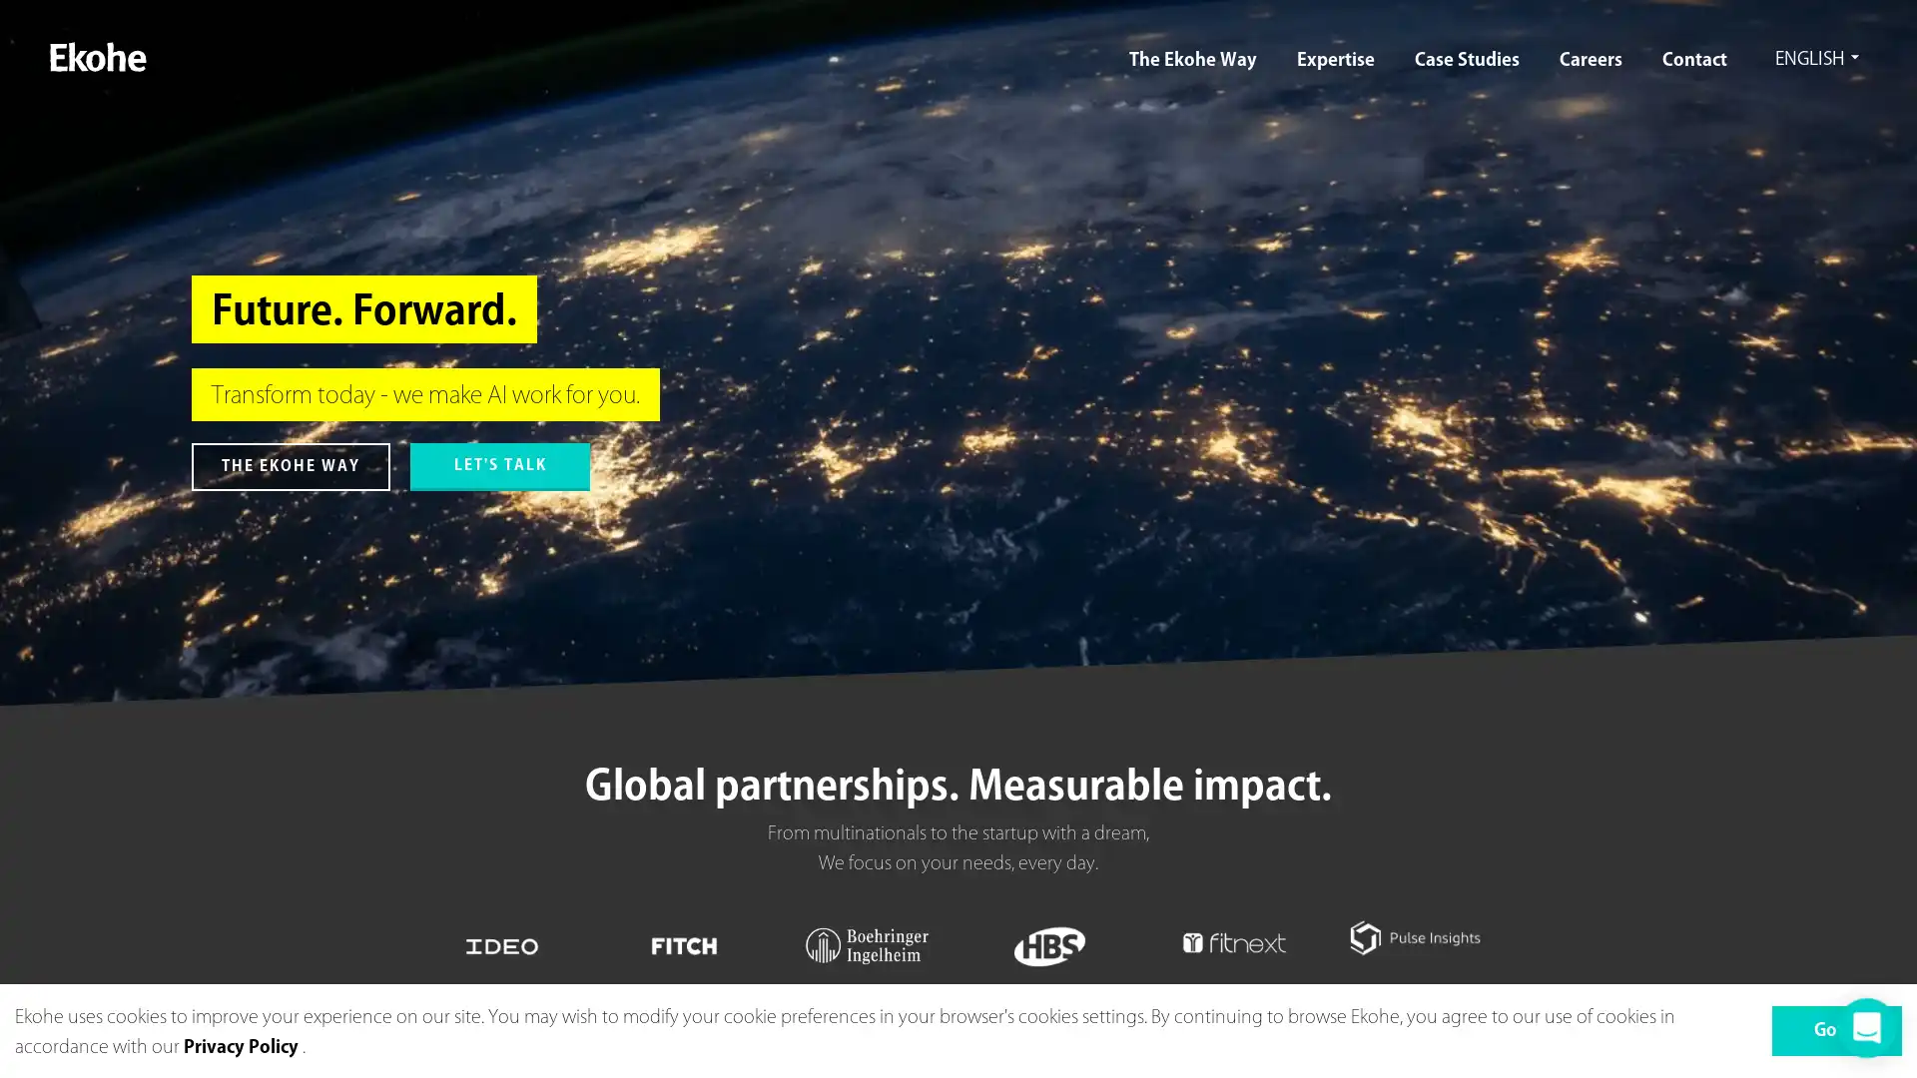  I want to click on Accept cookies, so click(1836, 1031).